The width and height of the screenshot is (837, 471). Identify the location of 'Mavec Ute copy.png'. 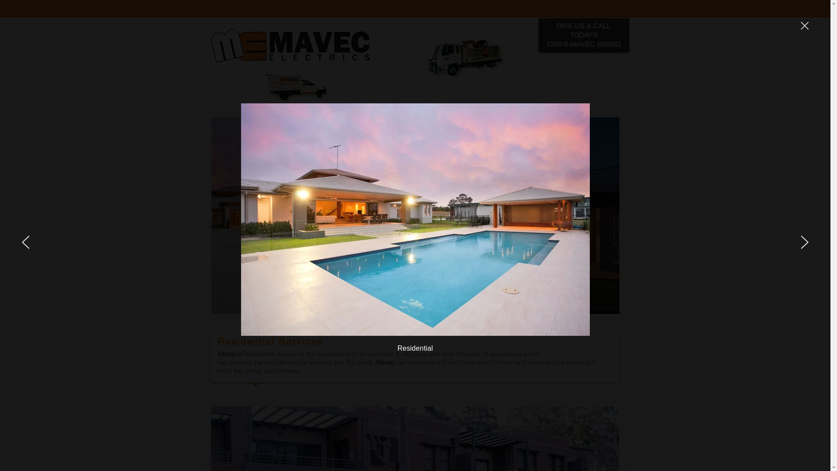
(257, 87).